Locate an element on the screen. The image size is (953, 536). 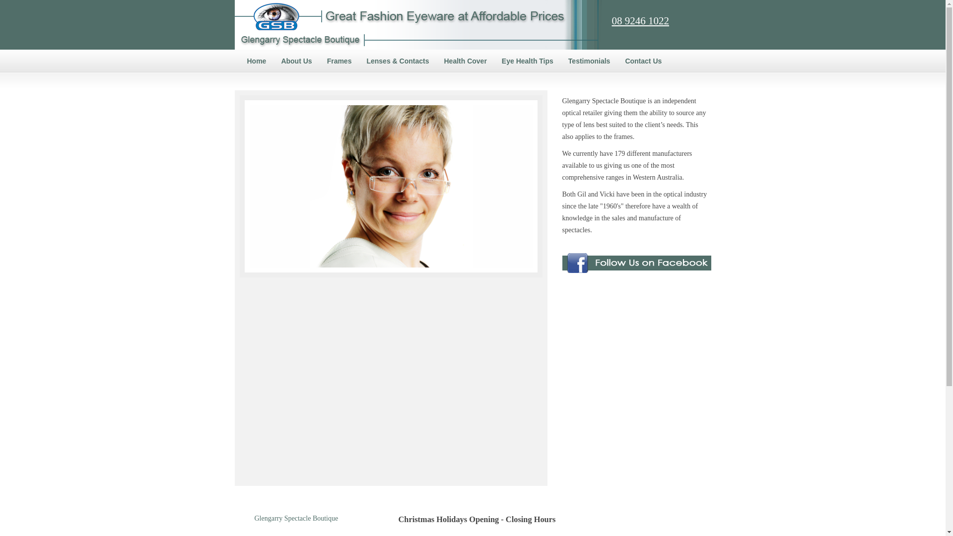
'Lenses & Contacts' is located at coordinates (398, 61).